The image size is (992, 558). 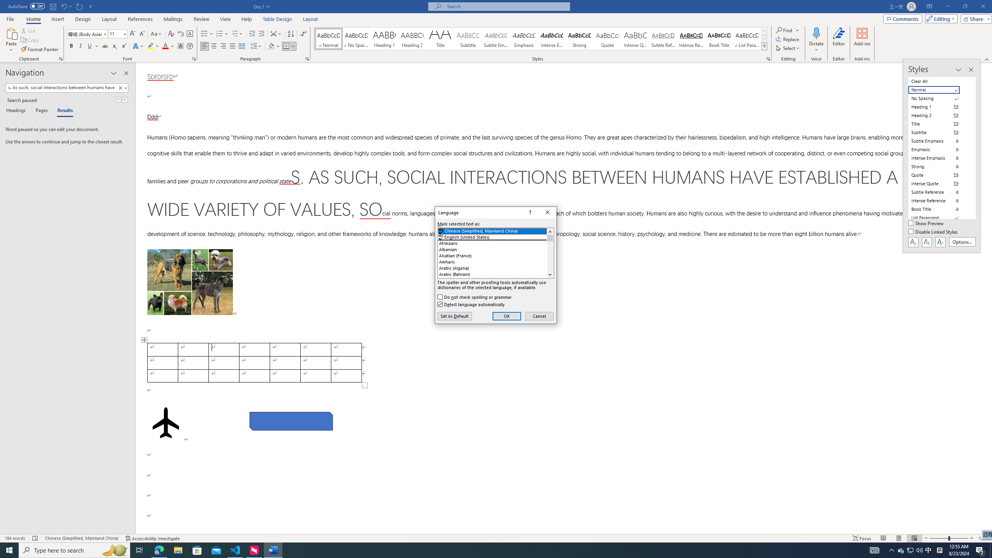 What do you see at coordinates (79, 6) in the screenshot?
I see `'Repeat Style'` at bounding box center [79, 6].